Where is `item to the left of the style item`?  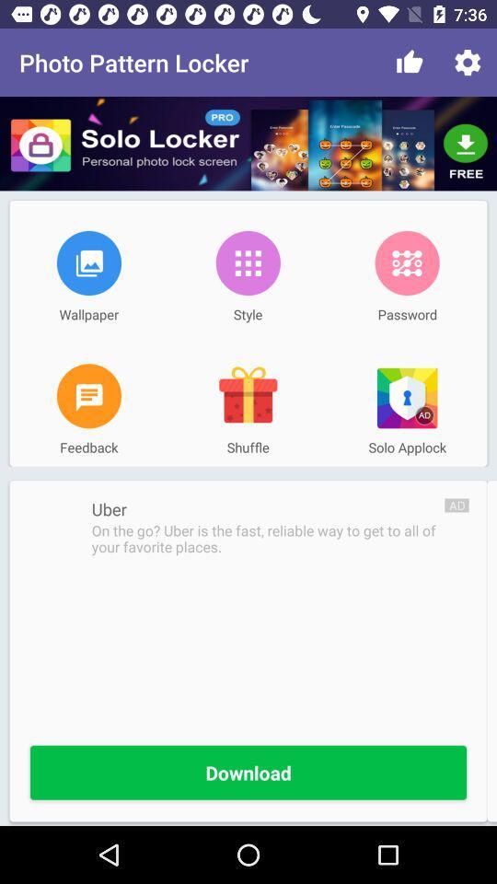
item to the left of the style item is located at coordinates (87, 262).